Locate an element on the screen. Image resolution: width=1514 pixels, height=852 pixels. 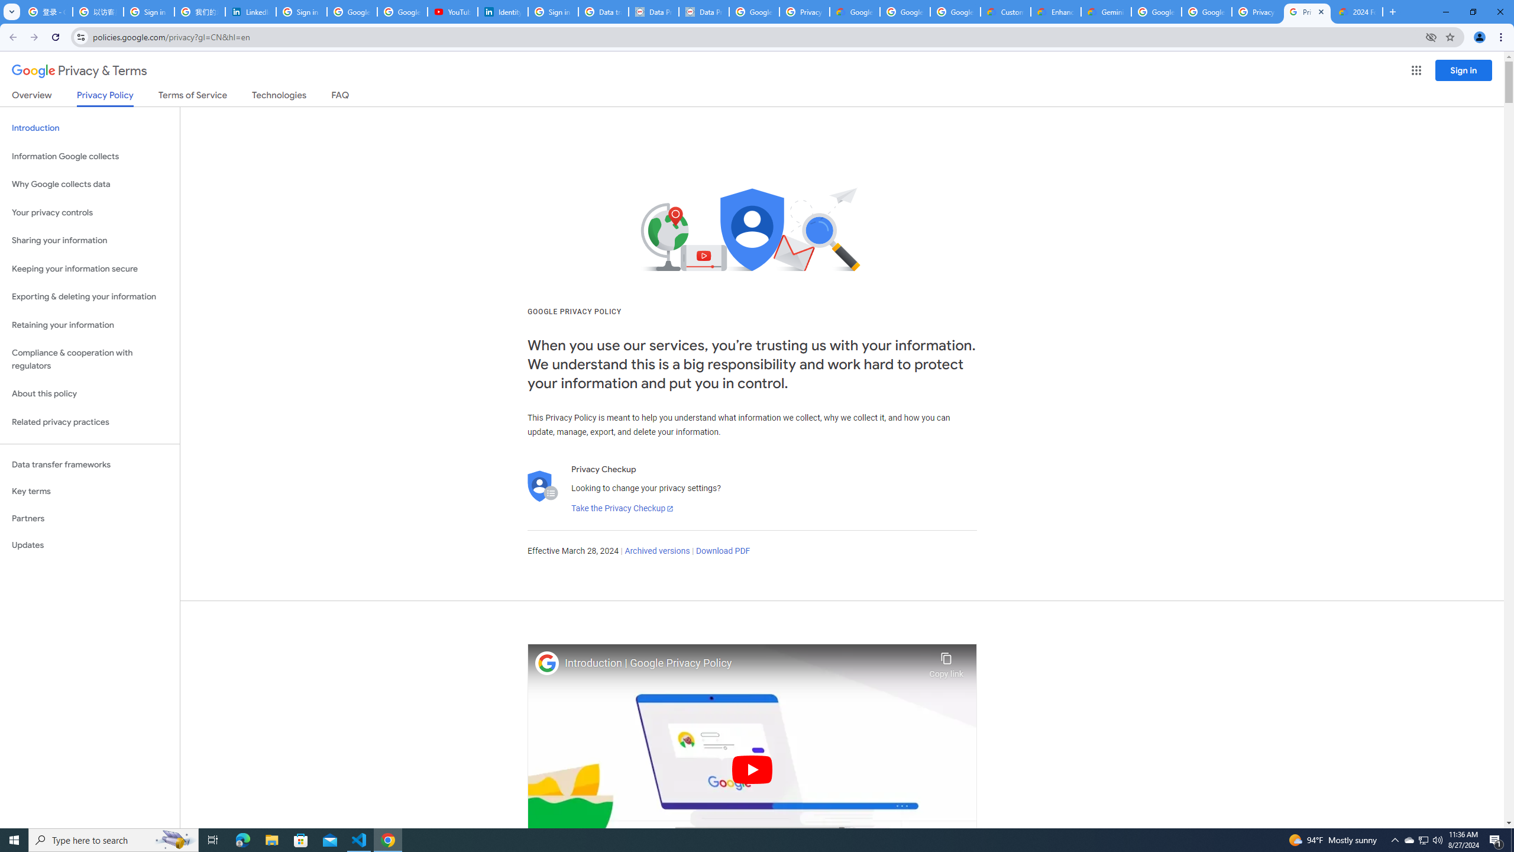
'Key terms' is located at coordinates (89, 491).